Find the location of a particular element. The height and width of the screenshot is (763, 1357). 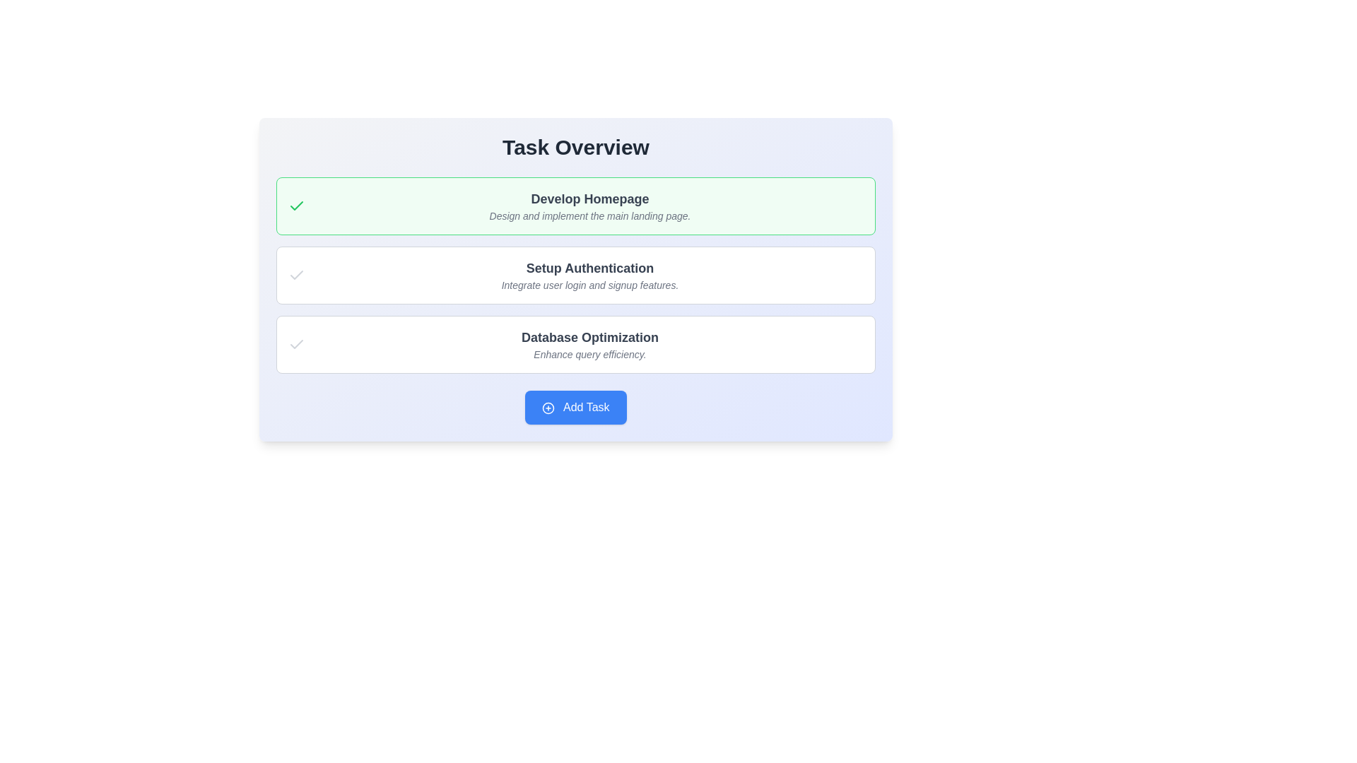

the task titled 'Develop Homepage' to view hover effects is located at coordinates (576, 206).